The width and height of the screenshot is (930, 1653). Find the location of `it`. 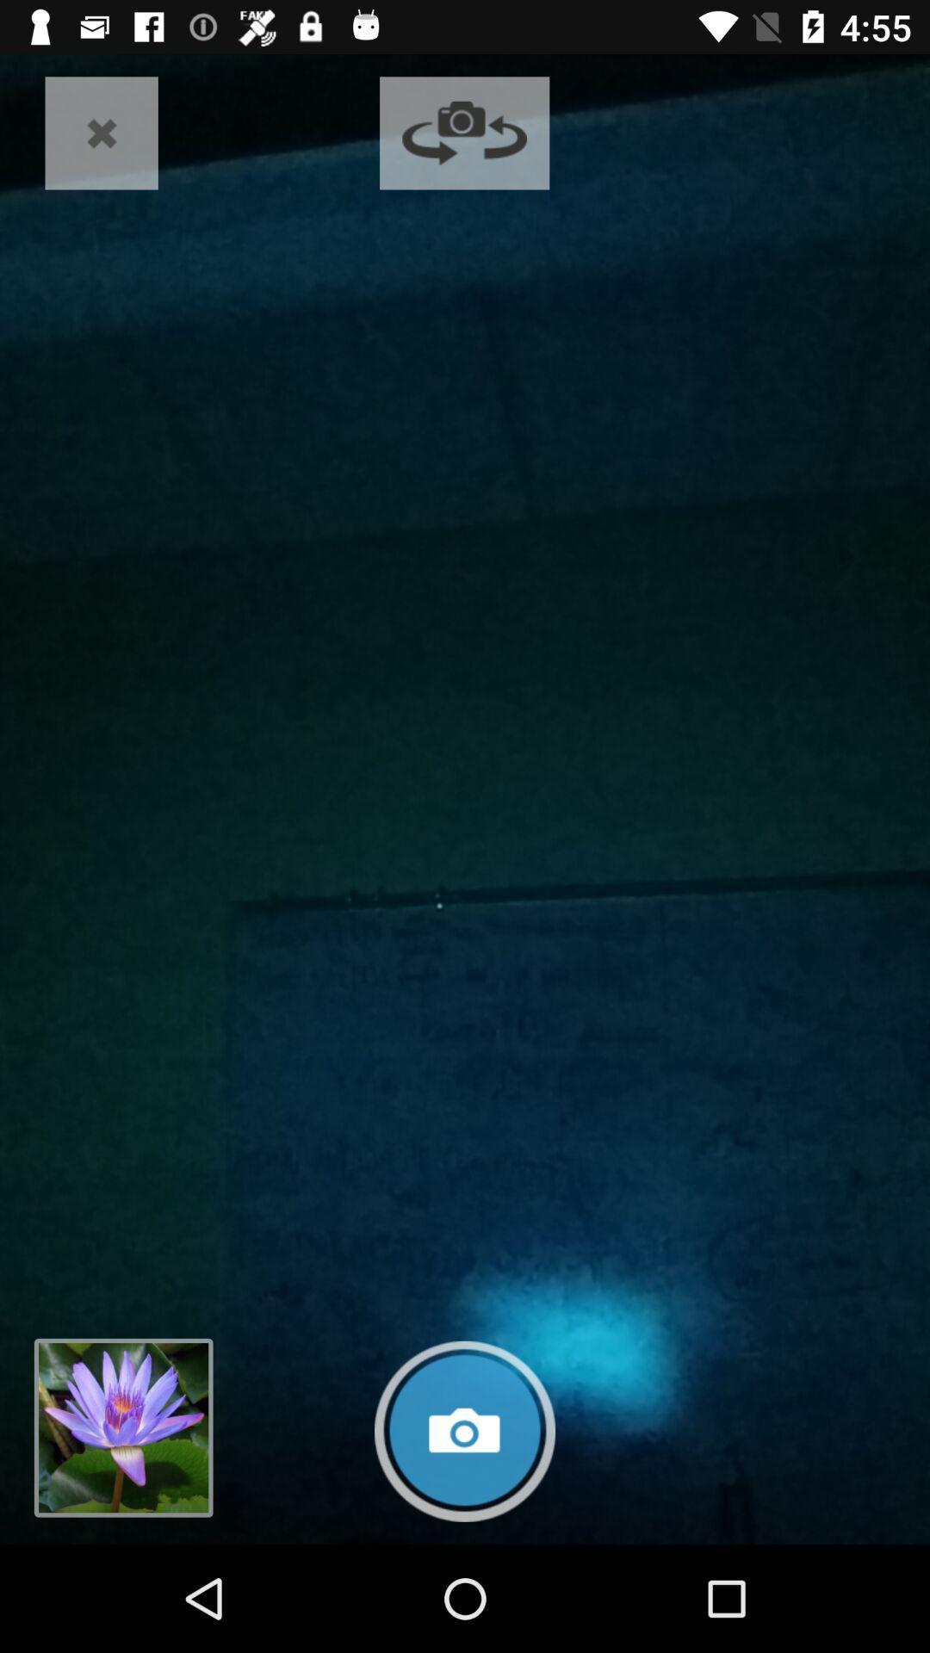

it is located at coordinates (102, 132).